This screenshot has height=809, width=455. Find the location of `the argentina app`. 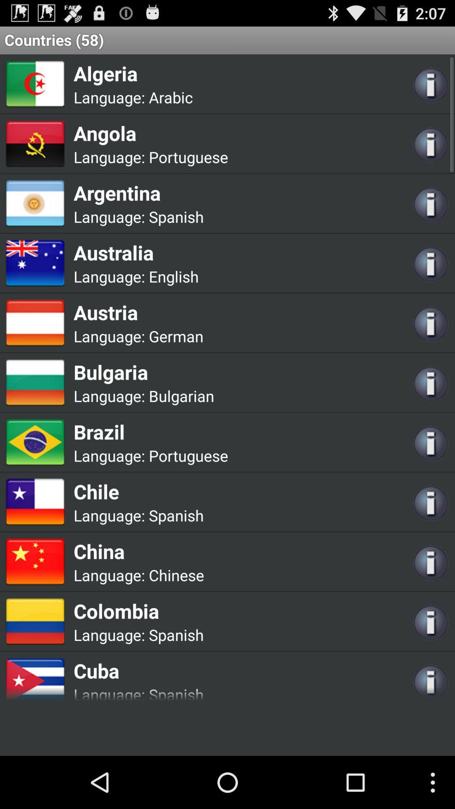

the argentina app is located at coordinates (138, 192).